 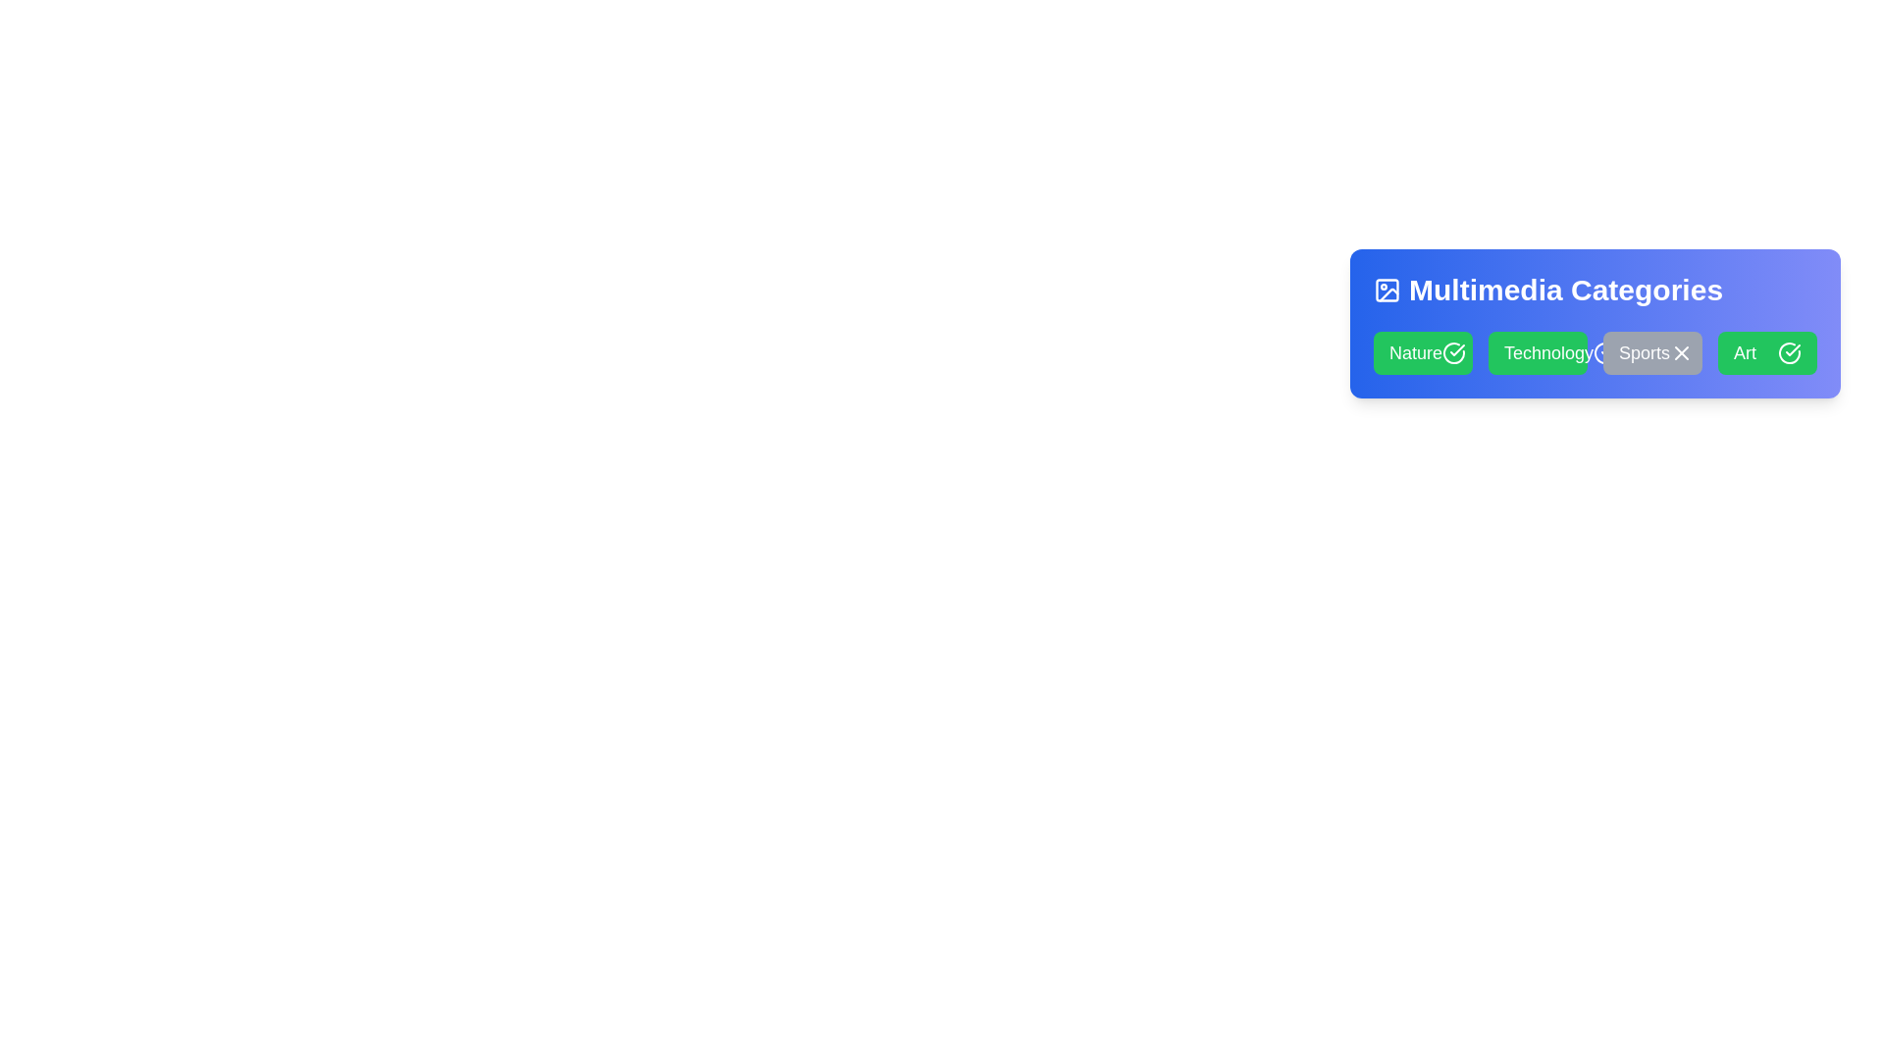 What do you see at coordinates (1644, 351) in the screenshot?
I see `the 'Sports' text label which is styled with a medium font weight and large size, located within a gray rounded rectangle button in the blue 'Multimedia Categories' panel` at bounding box center [1644, 351].